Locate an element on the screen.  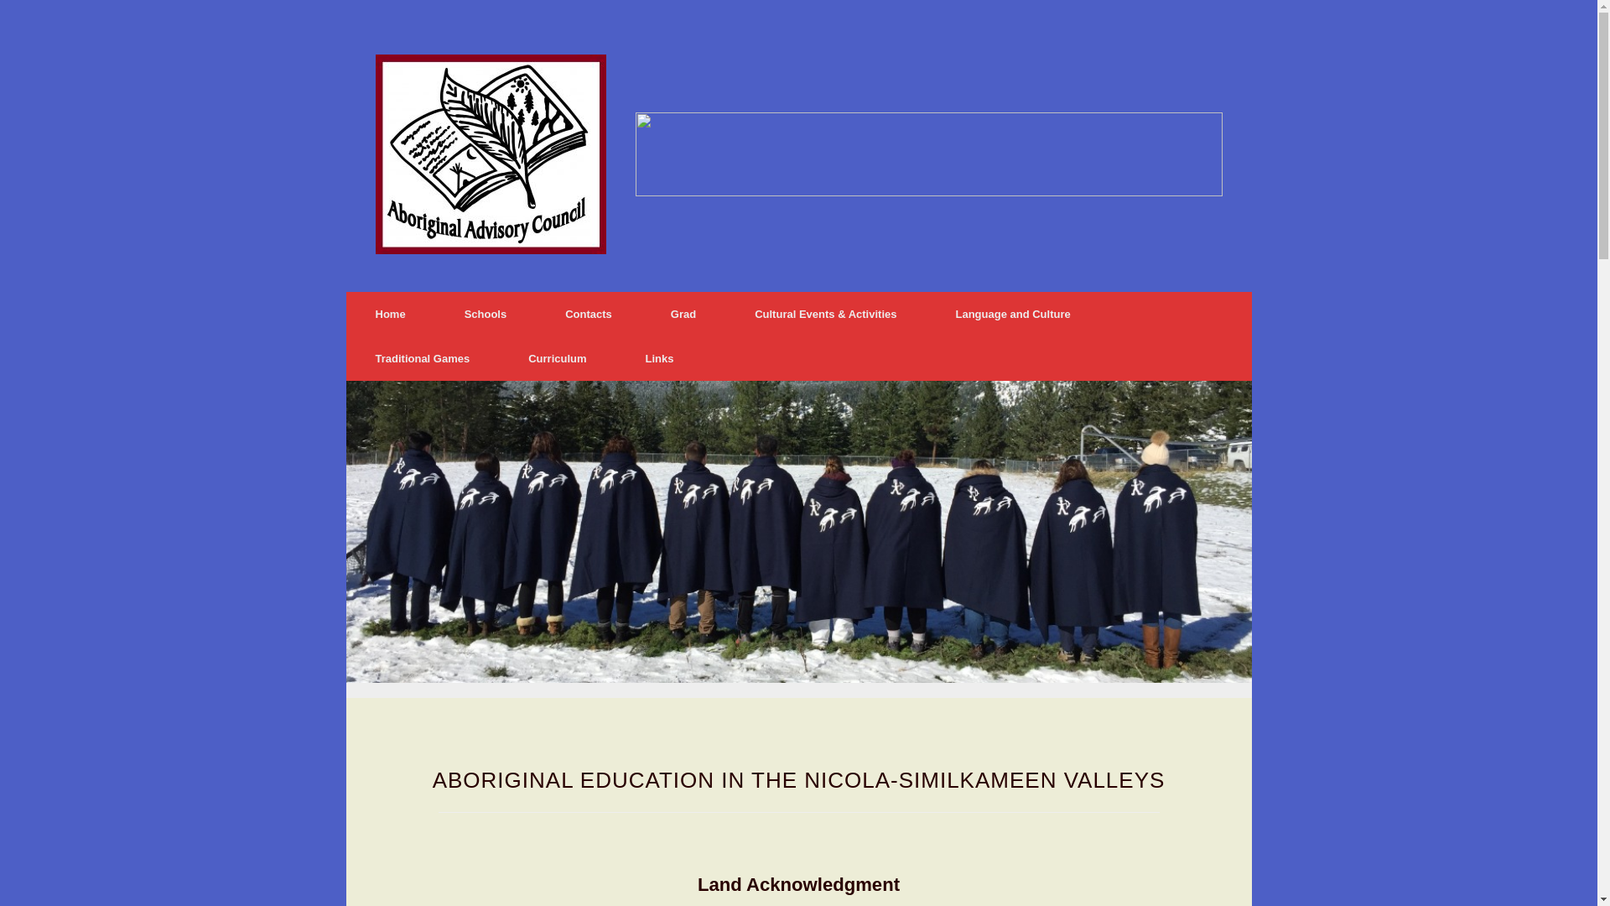
'Cultural Events & Activities' is located at coordinates (724, 314).